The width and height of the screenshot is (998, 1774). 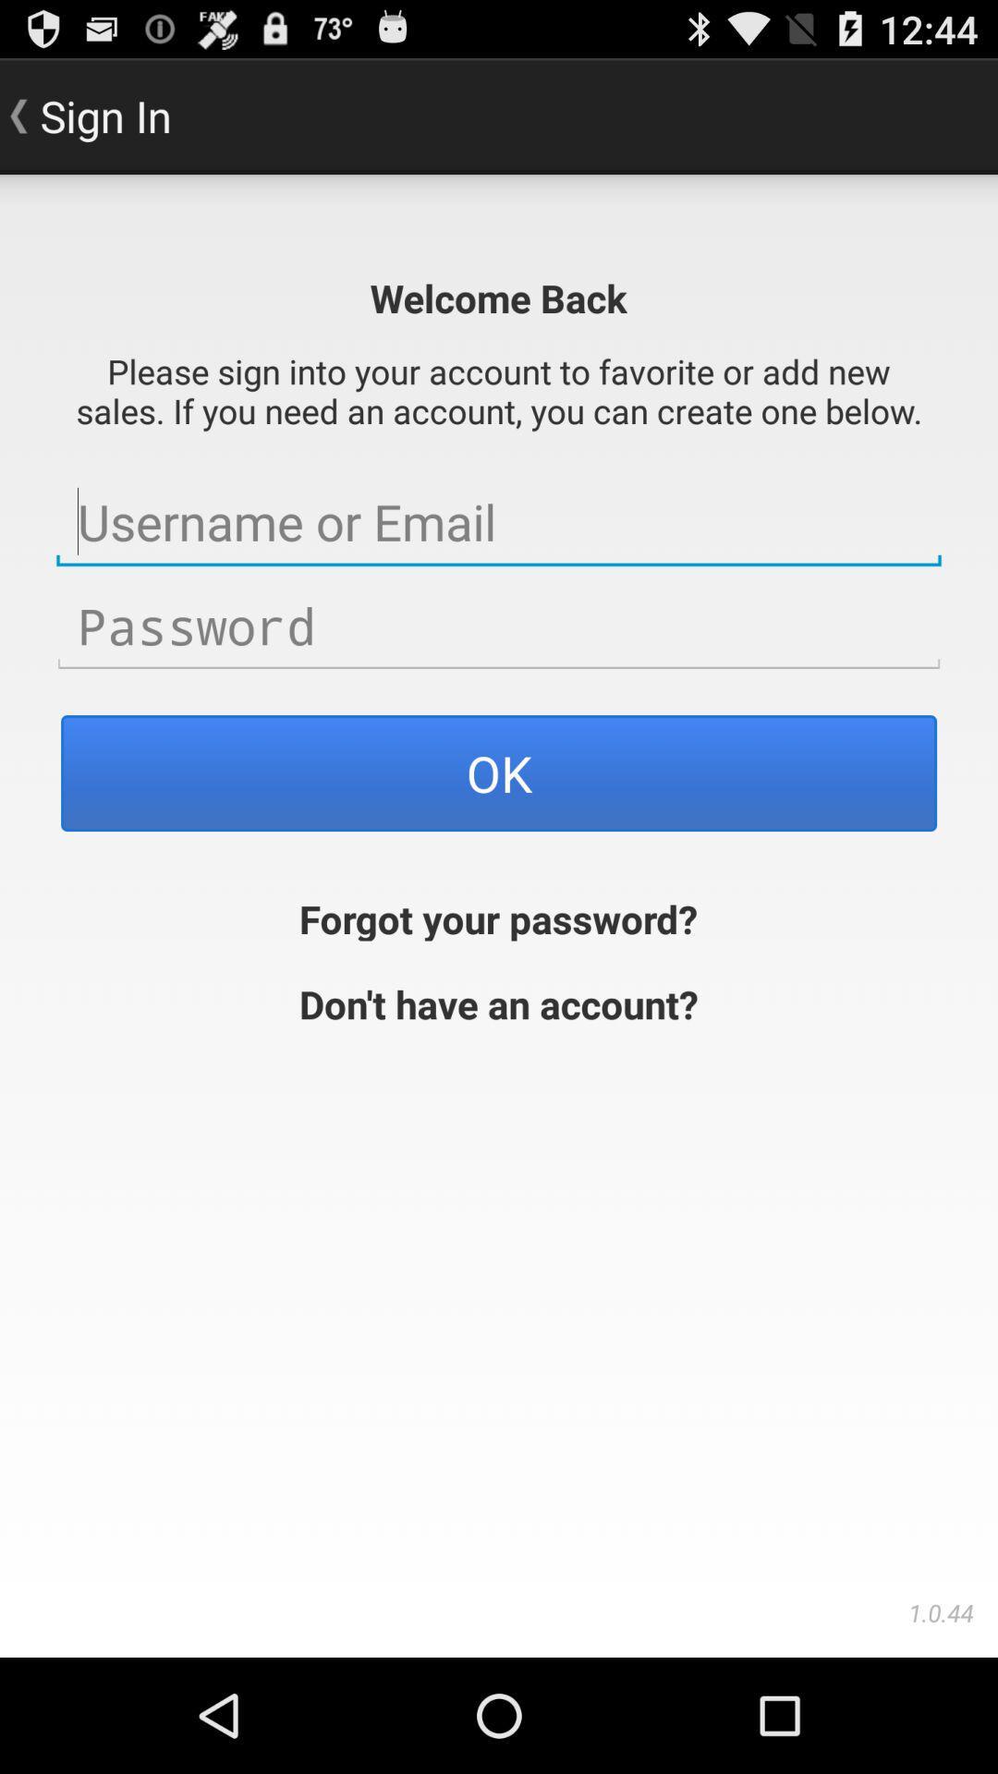 What do you see at coordinates (497, 917) in the screenshot?
I see `the forgot your password? app` at bounding box center [497, 917].